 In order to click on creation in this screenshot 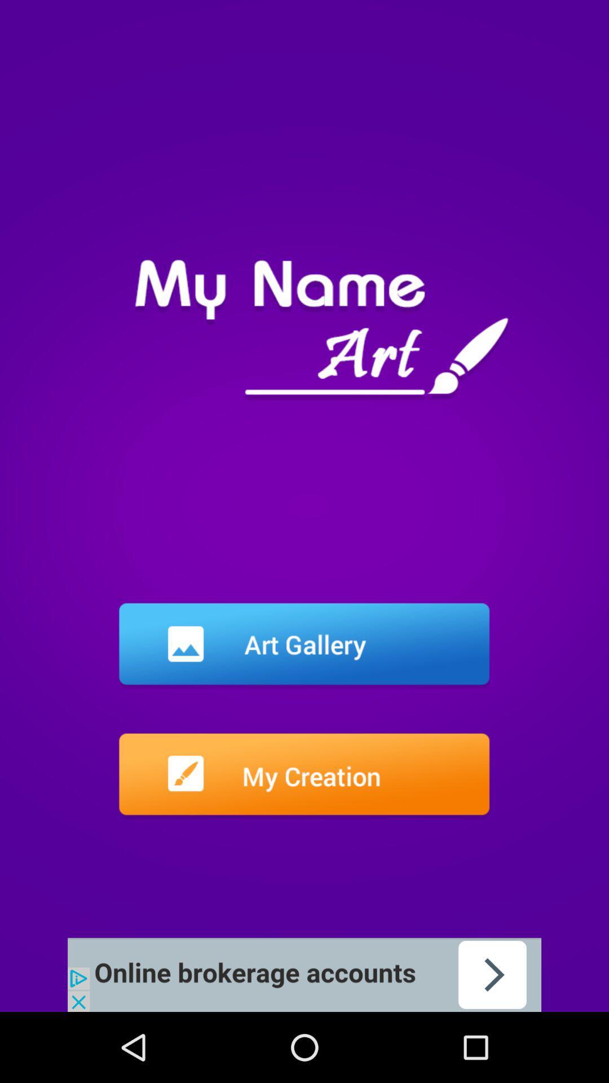, I will do `click(303, 776)`.